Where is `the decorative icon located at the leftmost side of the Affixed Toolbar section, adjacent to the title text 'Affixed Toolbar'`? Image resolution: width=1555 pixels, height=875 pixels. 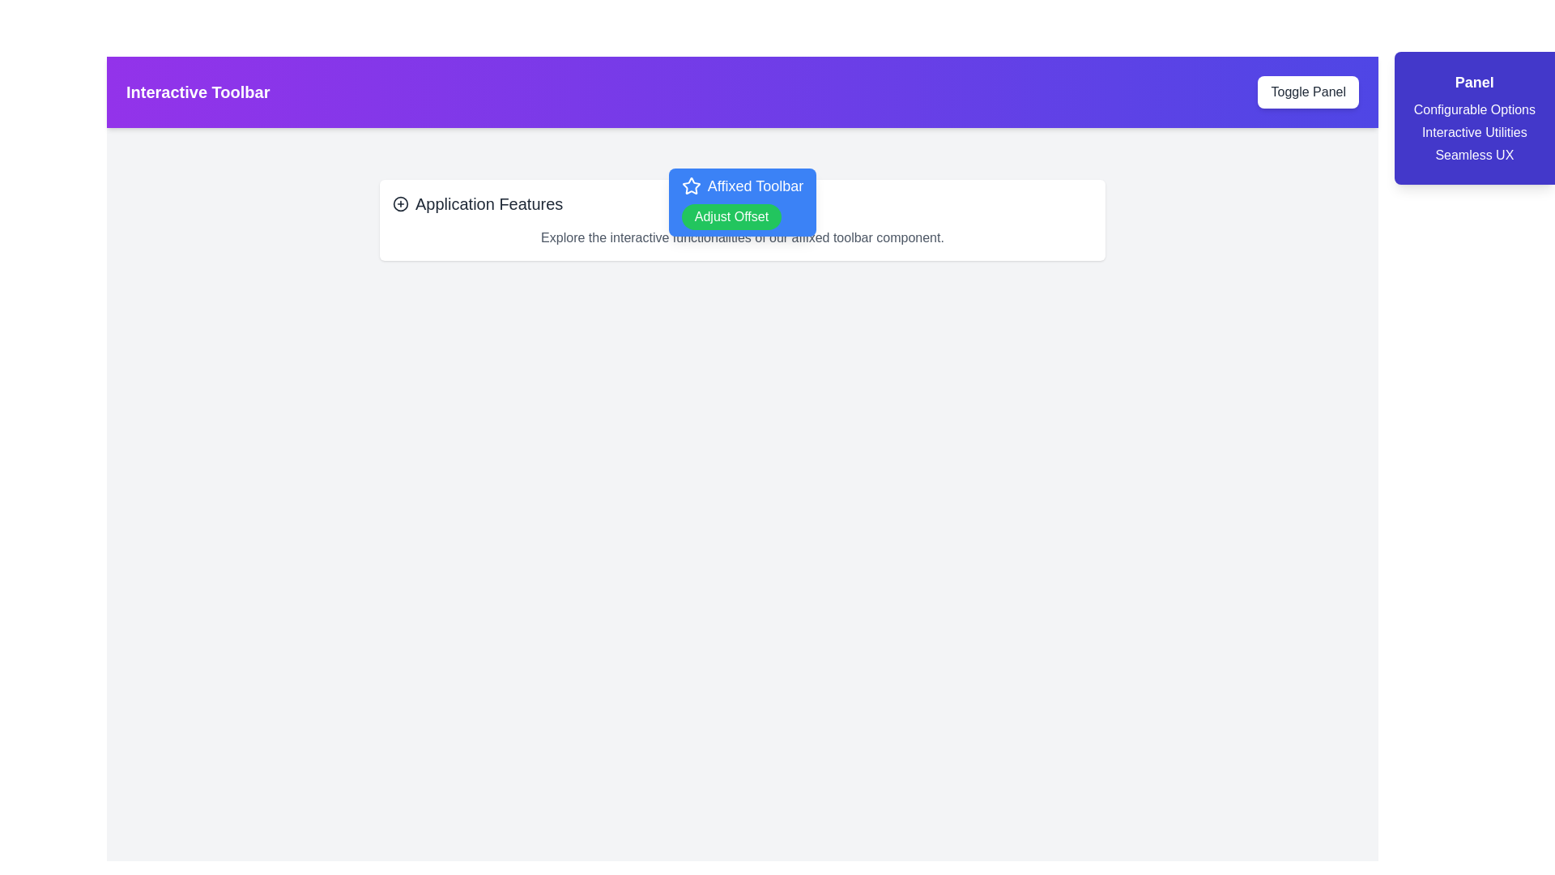 the decorative icon located at the leftmost side of the Affixed Toolbar section, adjacent to the title text 'Affixed Toolbar' is located at coordinates (691, 186).